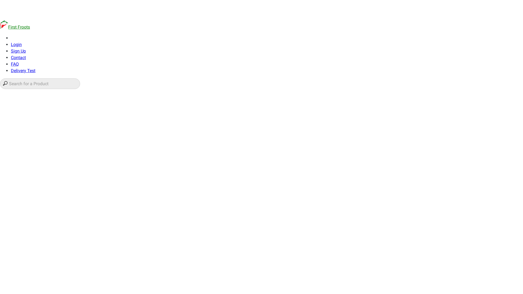 This screenshot has width=523, height=294. I want to click on 'FAQ', so click(11, 64).